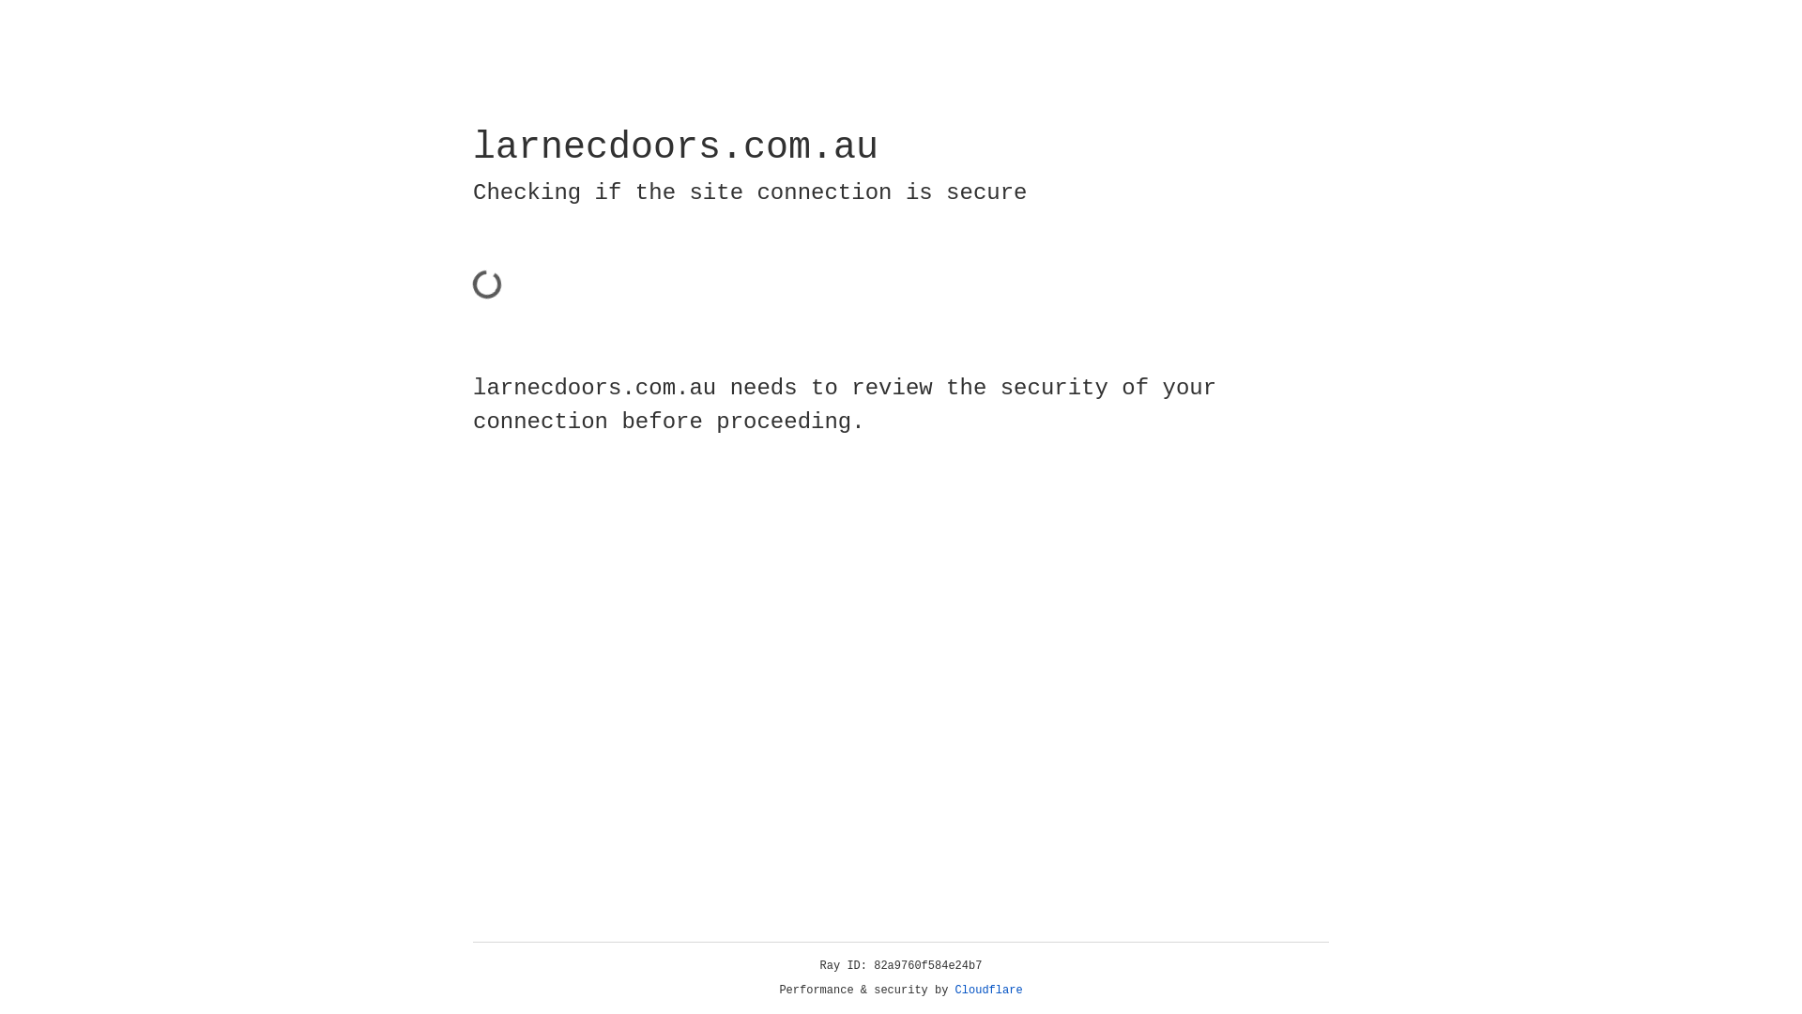 The image size is (1802, 1014). What do you see at coordinates (988, 990) in the screenshot?
I see `'Cloudflare'` at bounding box center [988, 990].